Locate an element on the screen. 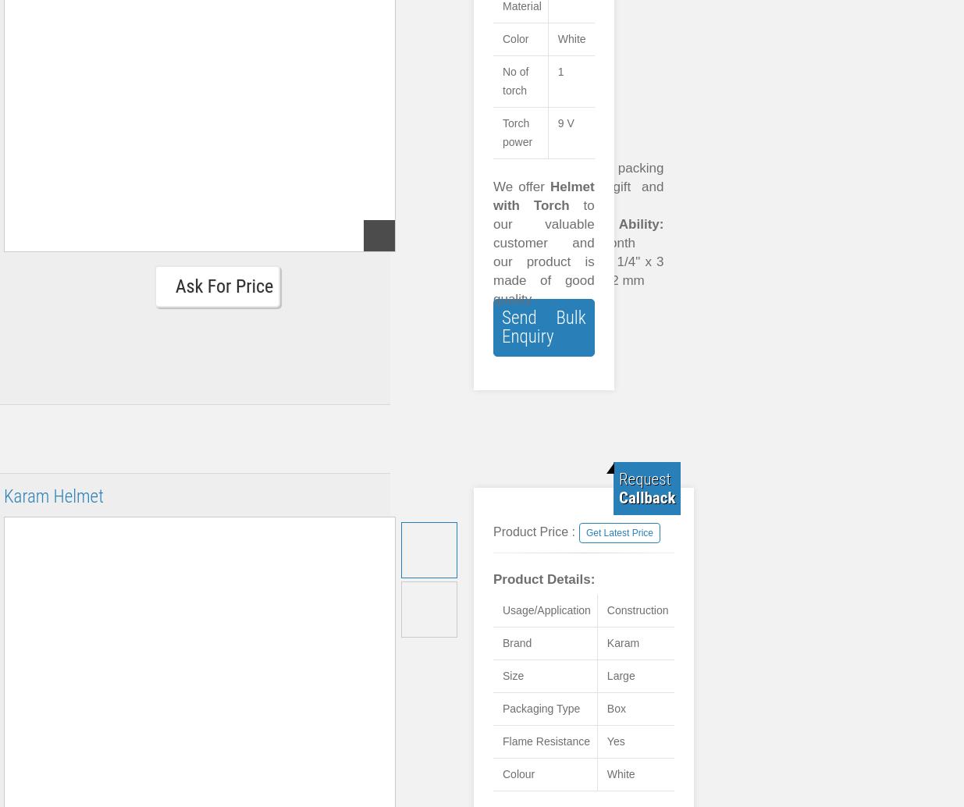 This screenshot has width=964, height=807. 'Usage:' is located at coordinates (537, 168).